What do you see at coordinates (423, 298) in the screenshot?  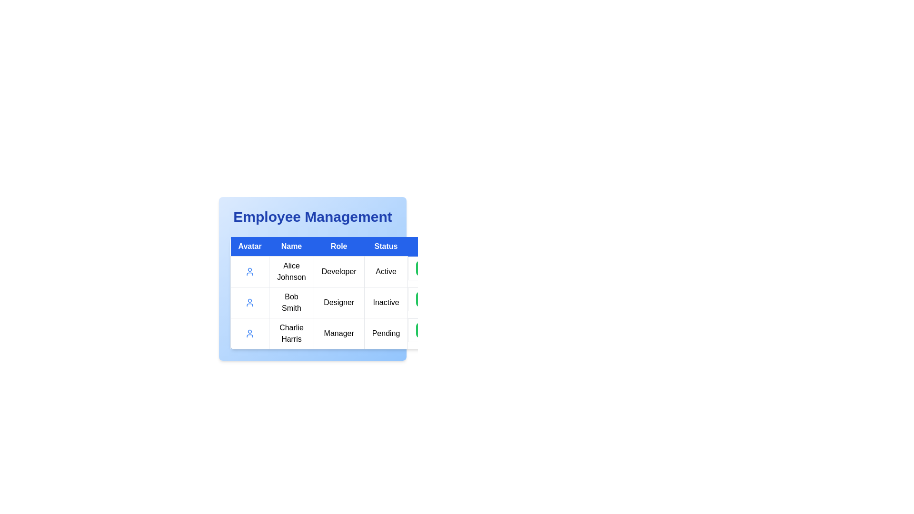 I see `the interactive button located in the 'Status' column of Bob Smith's row` at bounding box center [423, 298].